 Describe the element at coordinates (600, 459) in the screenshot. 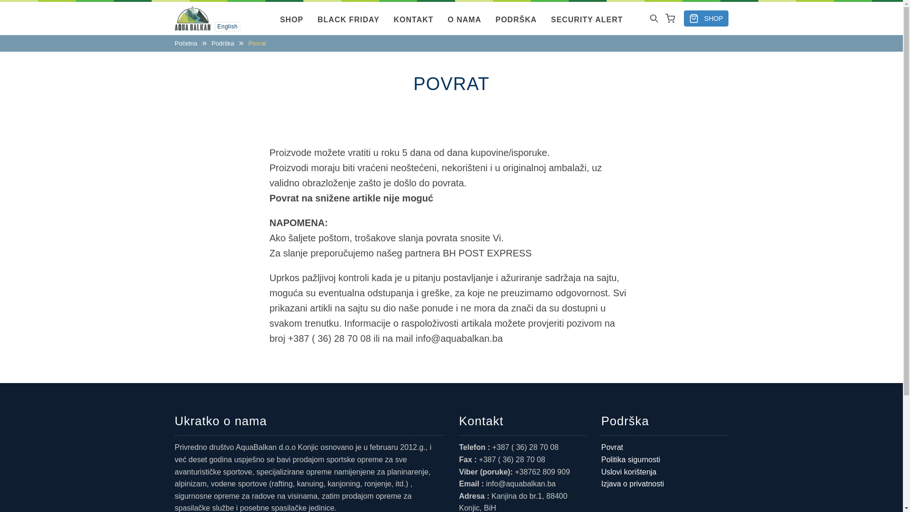

I see `'Politika sigurnosti'` at that location.